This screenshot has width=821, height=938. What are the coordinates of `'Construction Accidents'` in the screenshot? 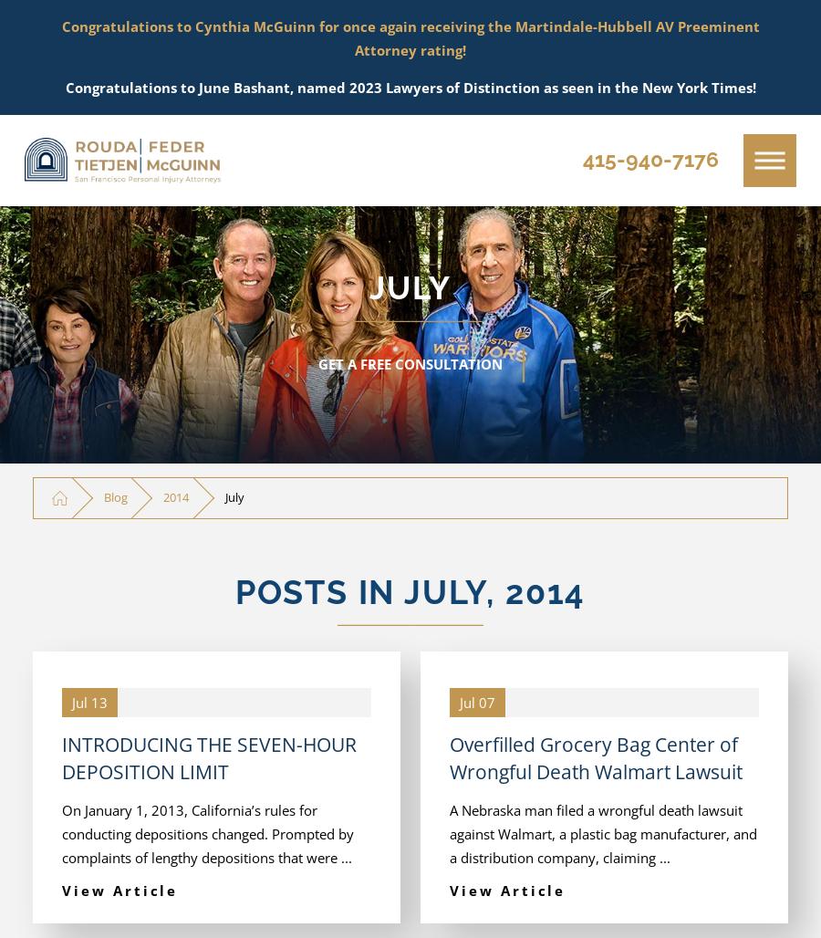 It's located at (173, 600).